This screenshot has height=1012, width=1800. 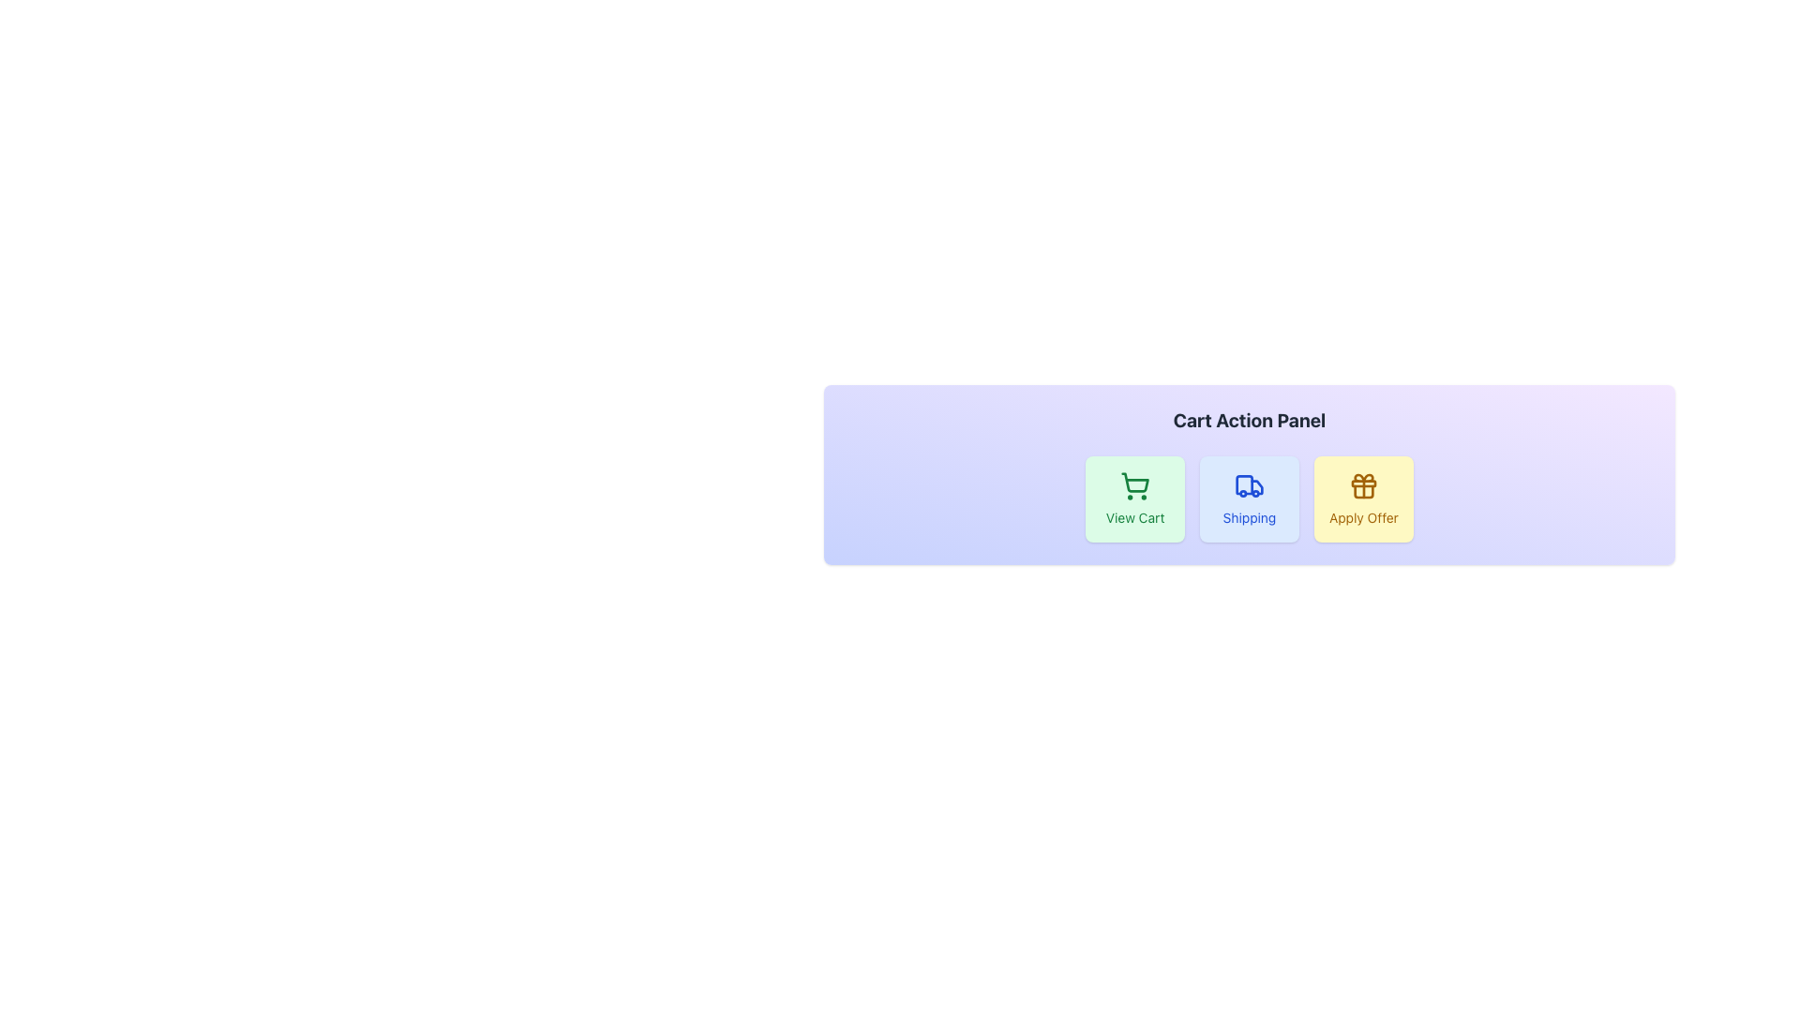 I want to click on the SVG icon of a truck, which is styled with a blue stroke and located within the 'Shipping' button in the 'Cart Action Panel', so click(x=1250, y=485).